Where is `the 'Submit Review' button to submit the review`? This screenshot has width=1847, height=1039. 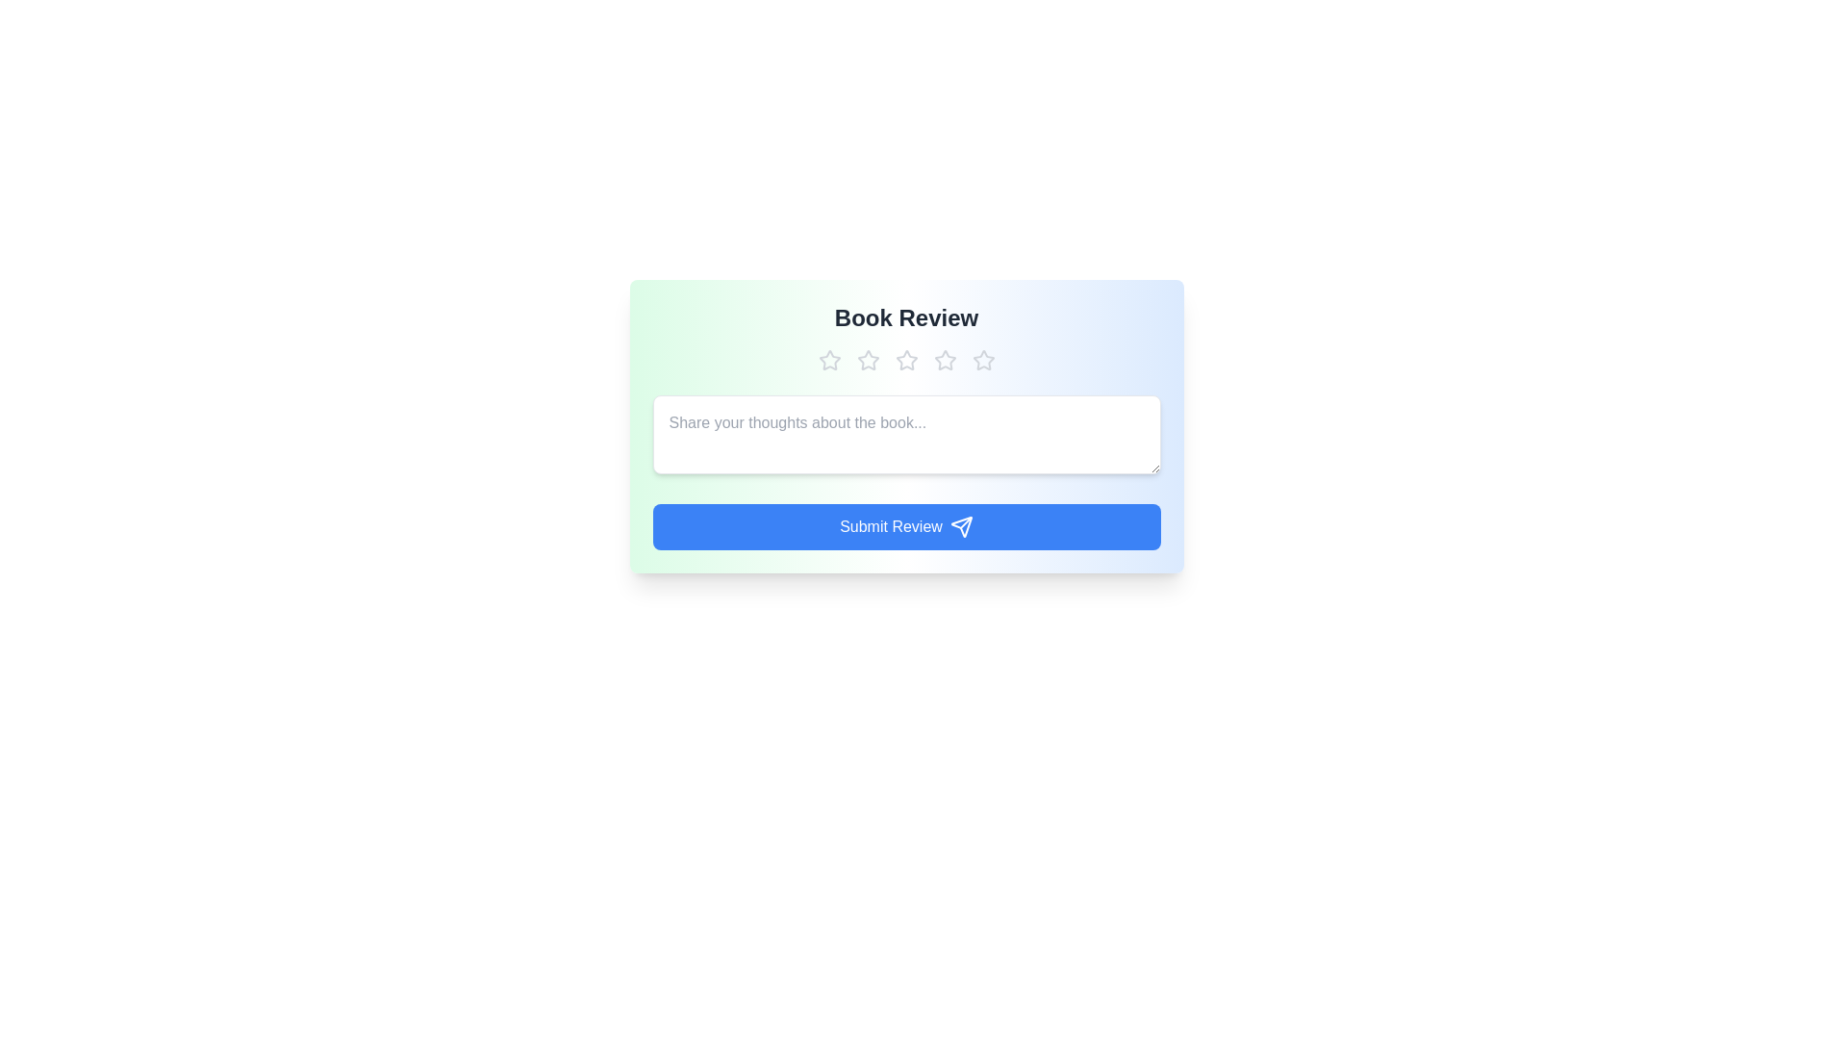 the 'Submit Review' button to submit the review is located at coordinates (905, 526).